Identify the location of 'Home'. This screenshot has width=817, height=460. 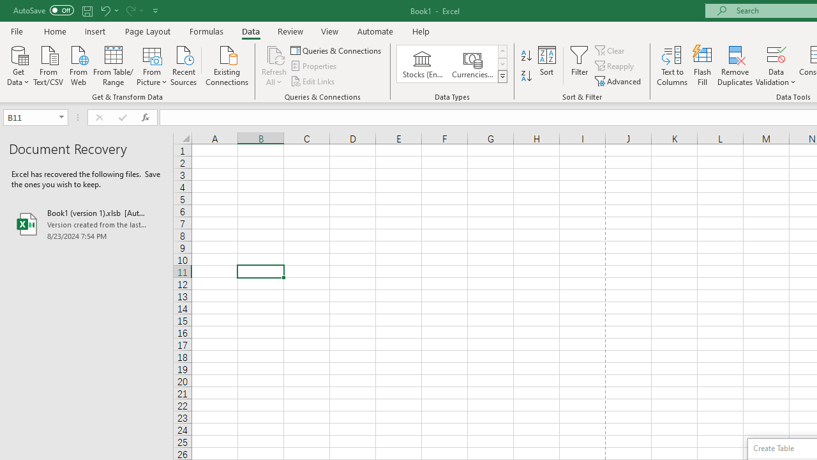
(54, 31).